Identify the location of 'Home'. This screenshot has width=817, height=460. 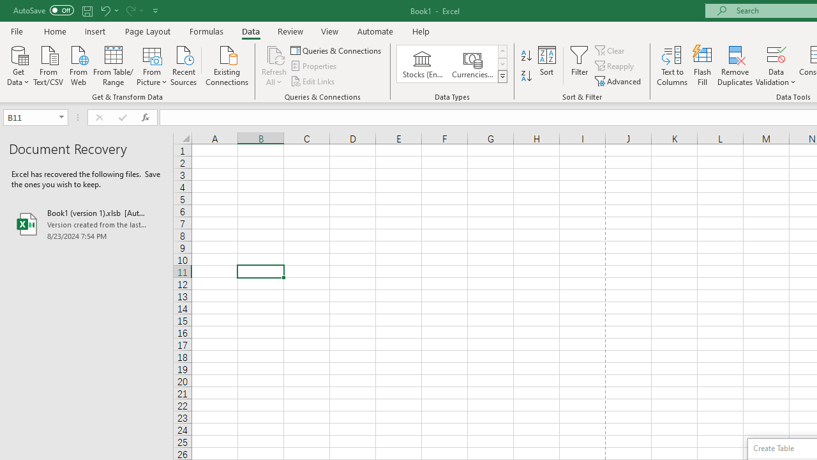
(54, 31).